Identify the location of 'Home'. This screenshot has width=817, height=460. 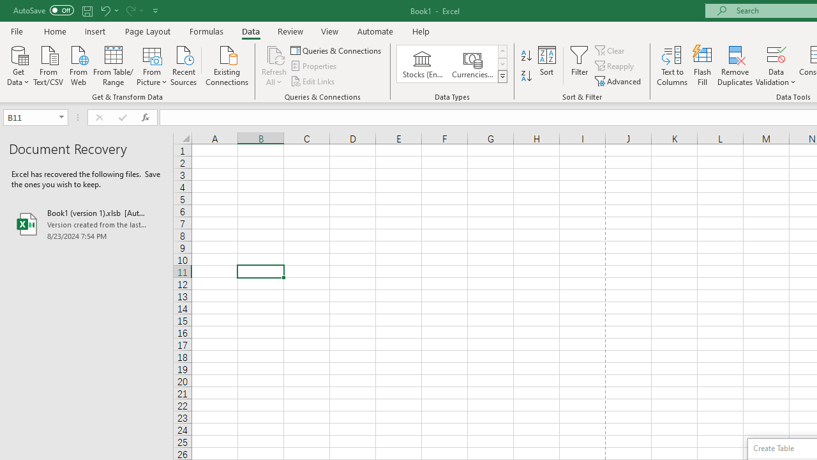
(54, 31).